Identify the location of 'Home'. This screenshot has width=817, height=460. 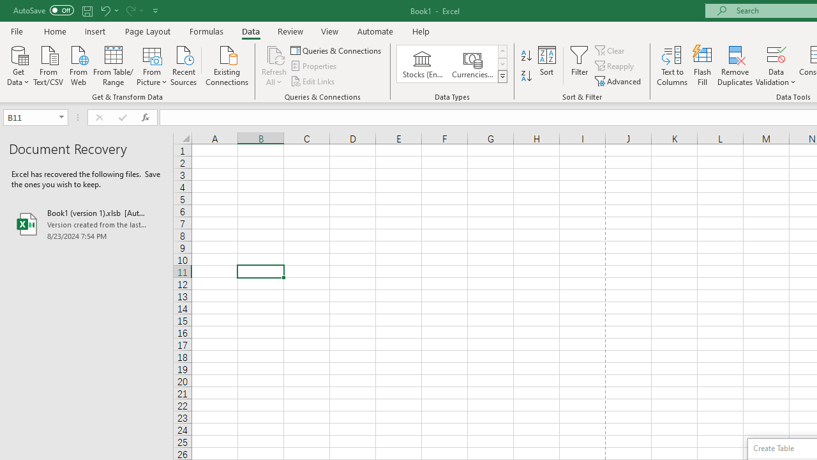
(54, 31).